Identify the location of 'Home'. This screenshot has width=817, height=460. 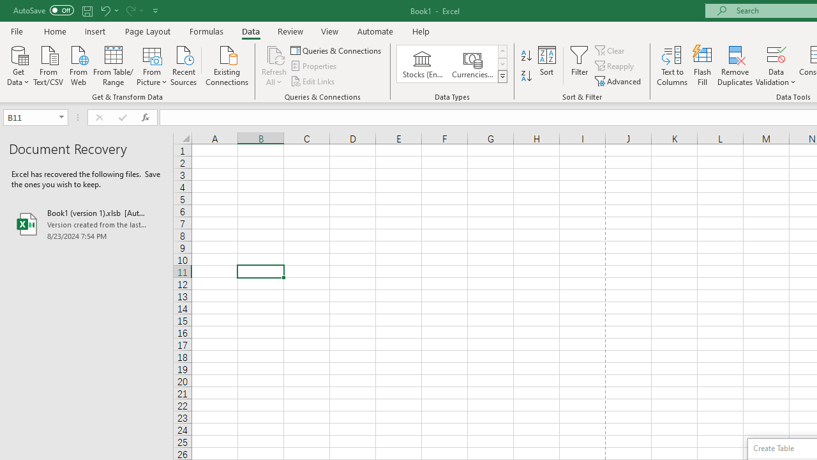
(54, 31).